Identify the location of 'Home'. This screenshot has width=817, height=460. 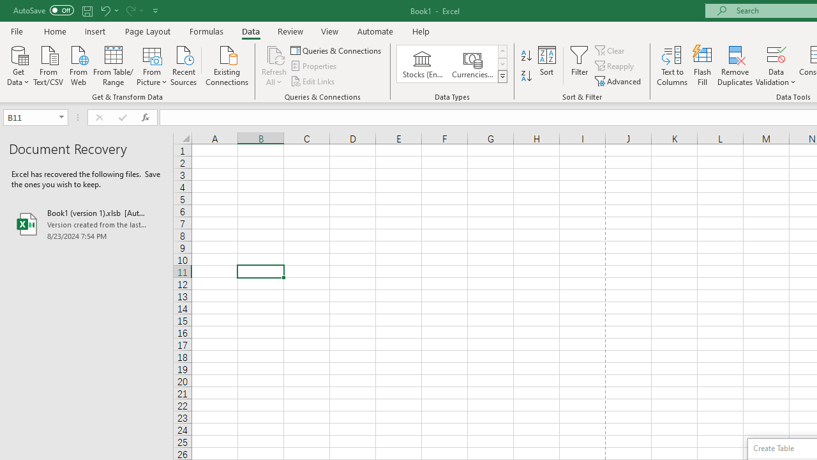
(54, 31).